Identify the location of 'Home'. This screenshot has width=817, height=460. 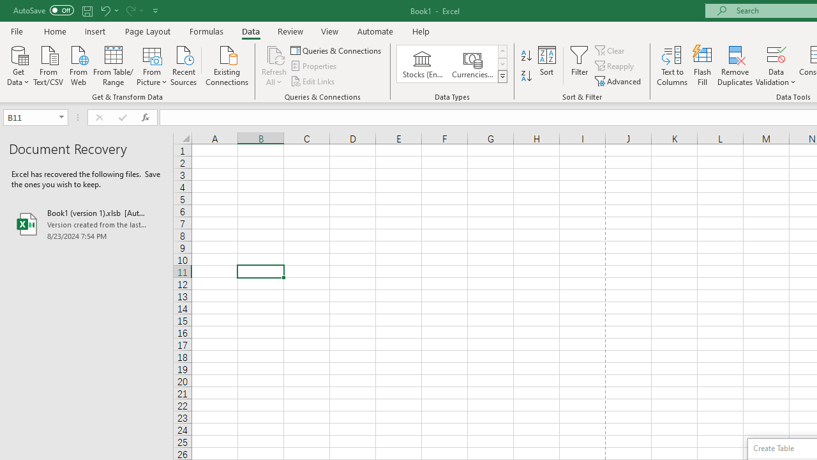
(54, 31).